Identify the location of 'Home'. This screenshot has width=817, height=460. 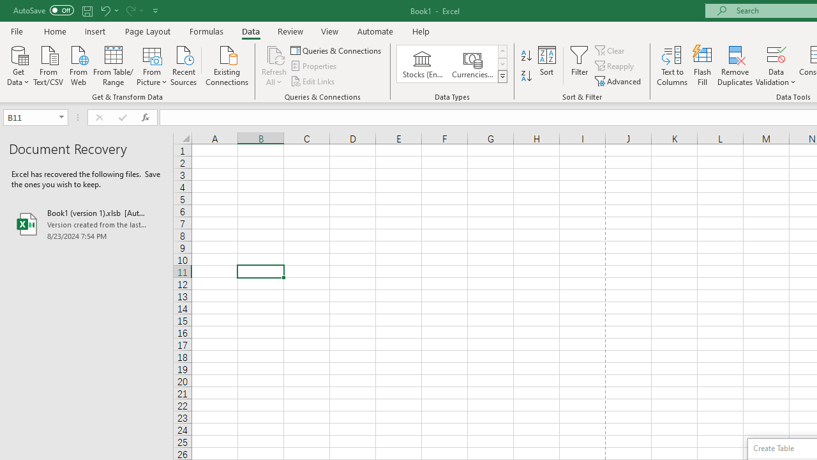
(54, 31).